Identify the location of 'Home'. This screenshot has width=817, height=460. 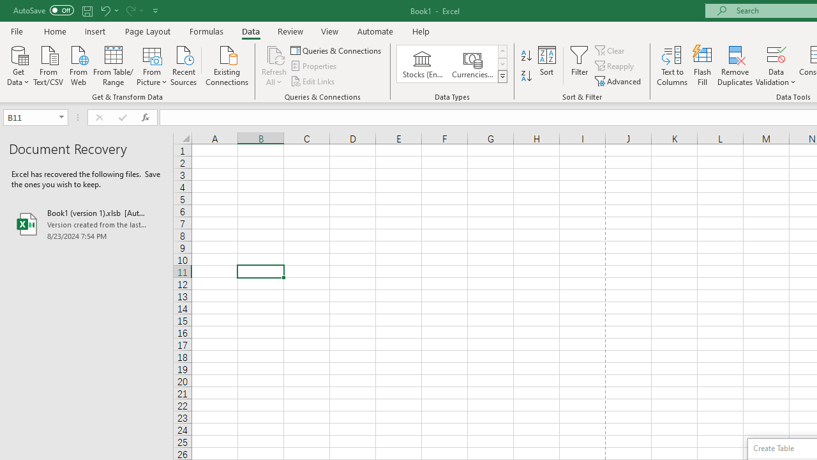
(54, 31).